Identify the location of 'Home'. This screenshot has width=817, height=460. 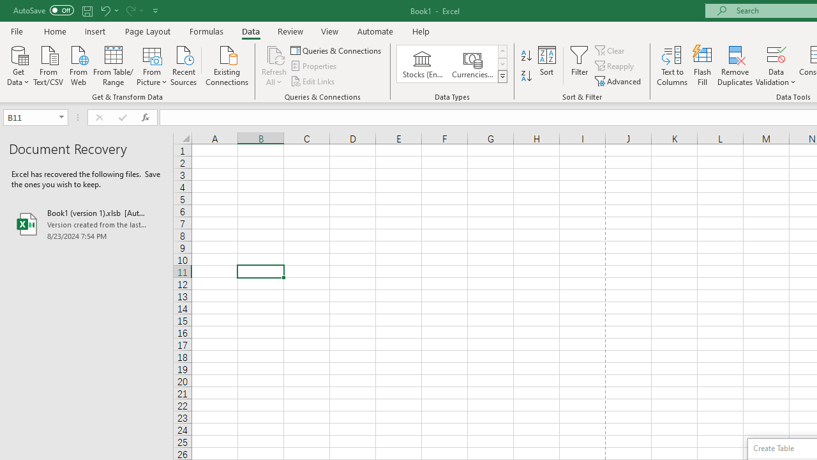
(54, 31).